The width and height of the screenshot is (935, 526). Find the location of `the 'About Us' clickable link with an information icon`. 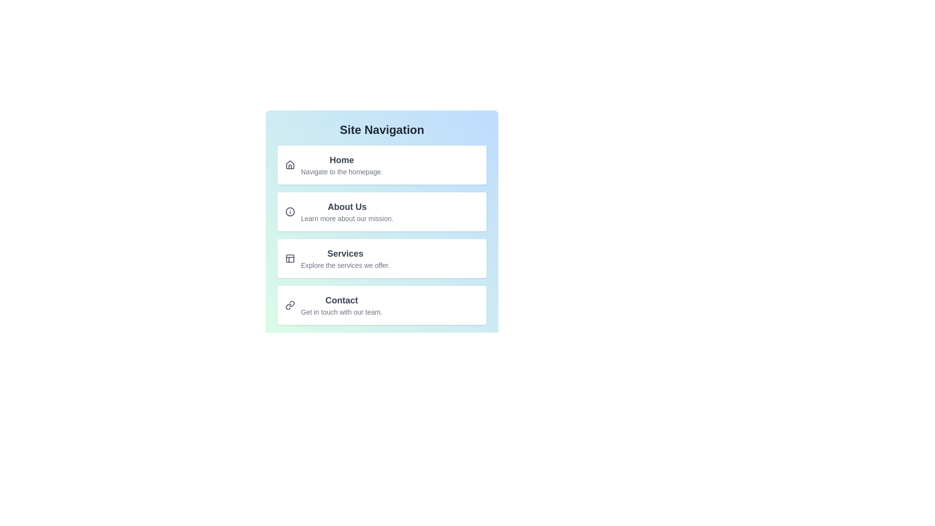

the 'About Us' clickable link with an information icon is located at coordinates (381, 211).